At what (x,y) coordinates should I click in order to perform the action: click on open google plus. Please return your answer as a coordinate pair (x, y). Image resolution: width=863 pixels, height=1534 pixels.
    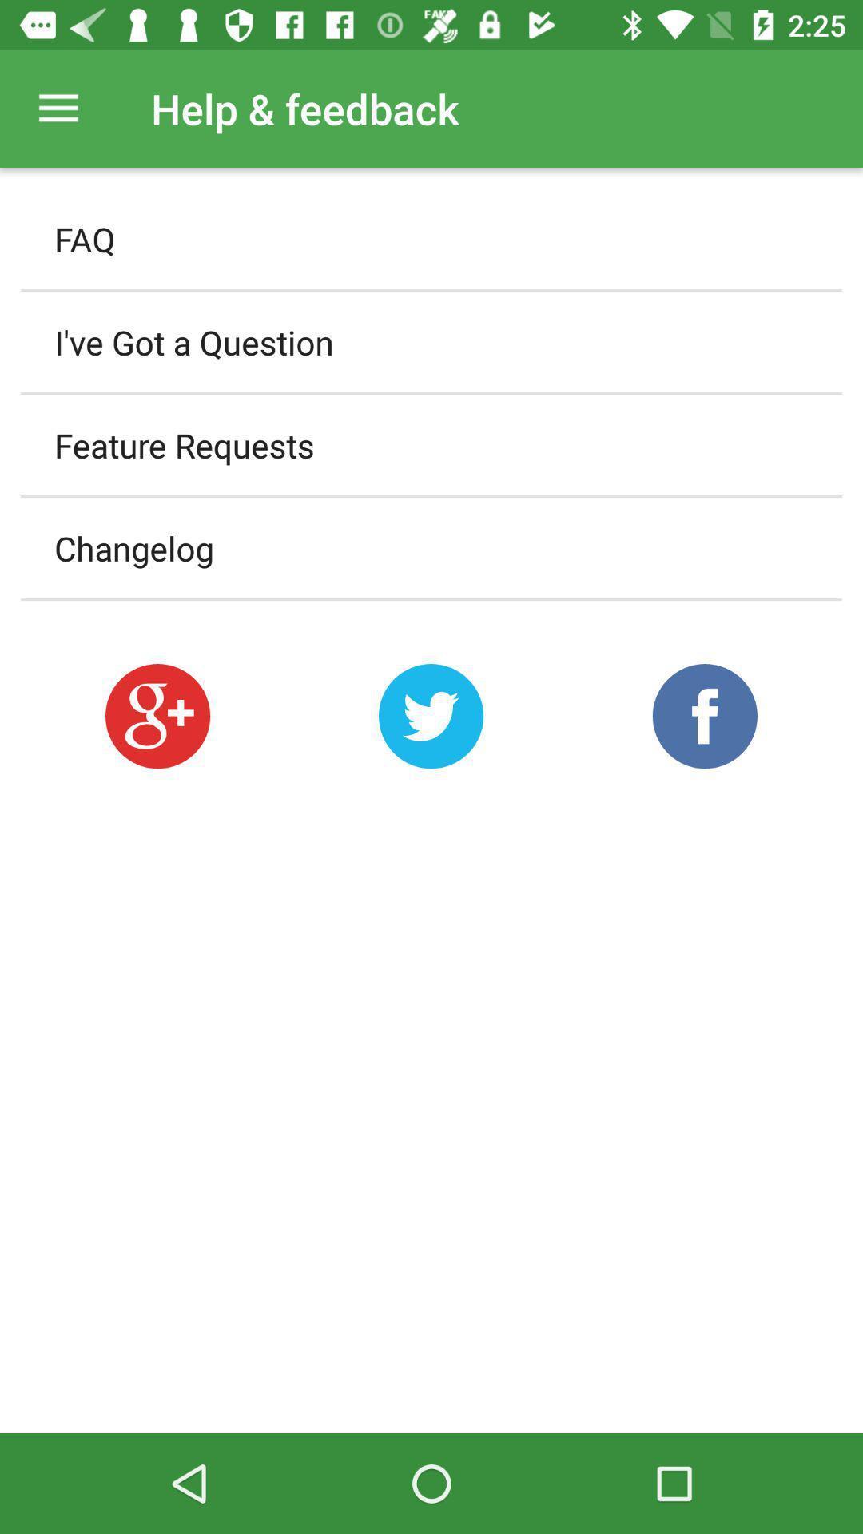
    Looking at the image, I should click on (157, 715).